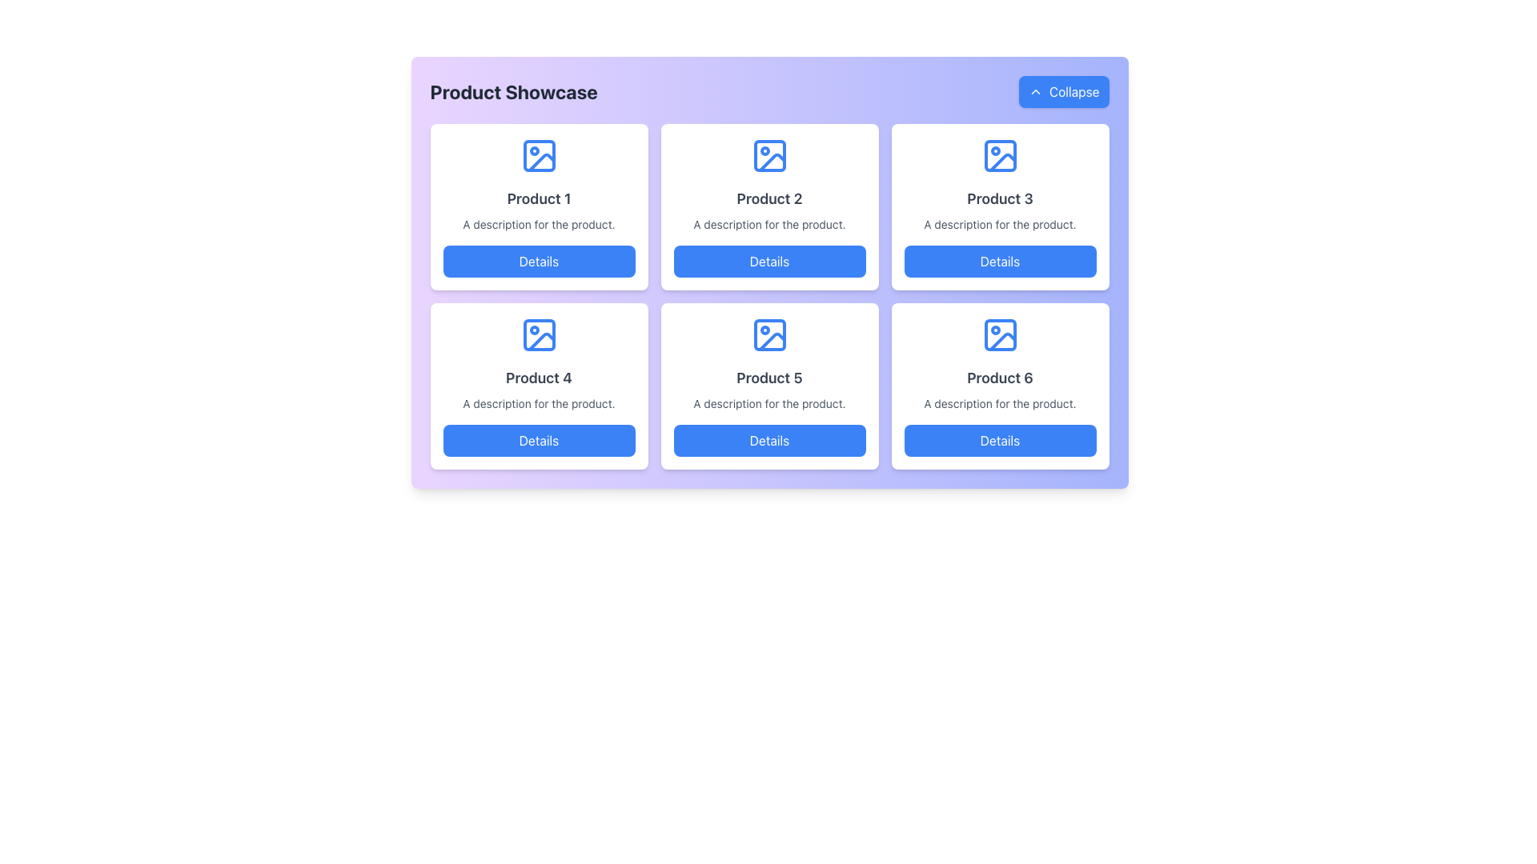 The image size is (1537, 864). I want to click on the icon styled in a blue outline resembling an image with a circle and a line intersecting it, which is located above the text 'Product 2' in the product showcase grid, so click(769, 156).